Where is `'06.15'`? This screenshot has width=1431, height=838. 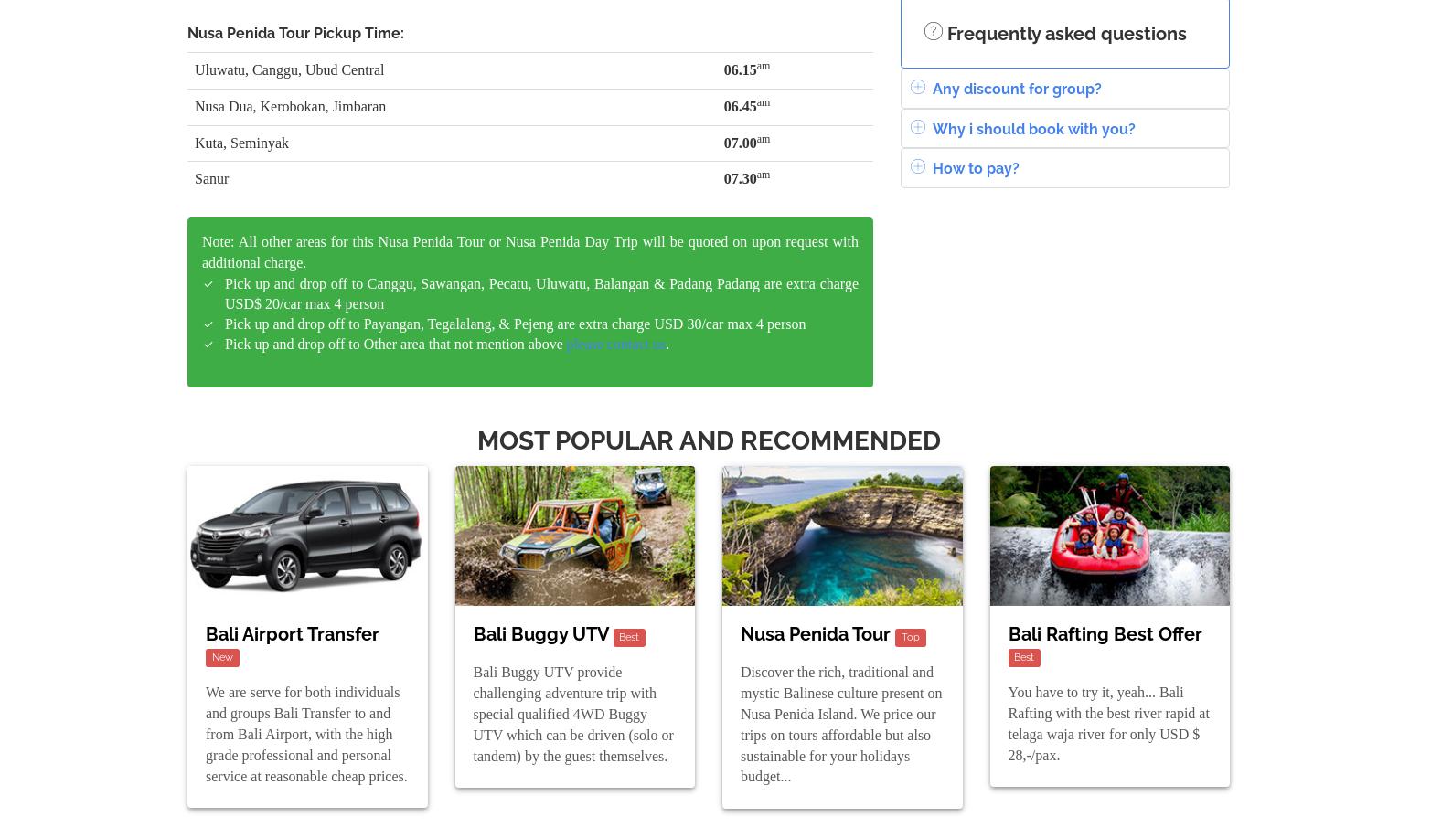
'06.15' is located at coordinates (738, 68).